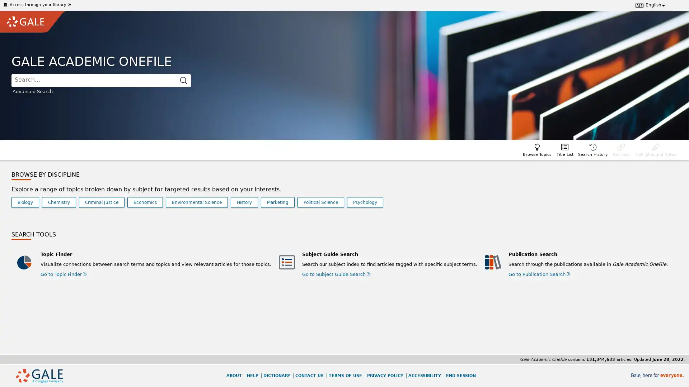 Image resolution: width=689 pixels, height=387 pixels. Describe the element at coordinates (184, 80) in the screenshot. I see `Submit` at that location.